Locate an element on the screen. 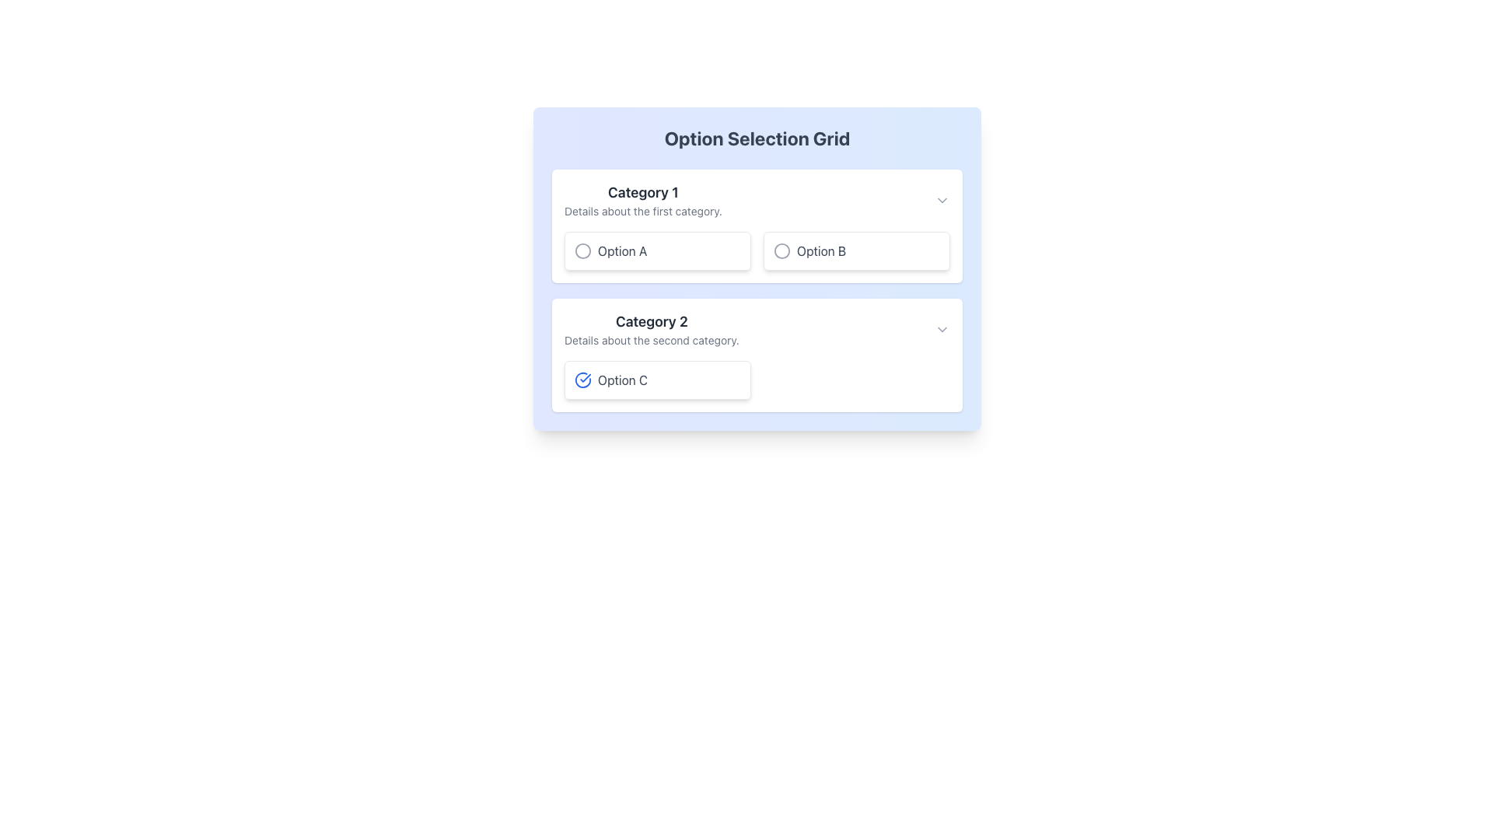  the text label that serves as the title for the 'Category 1' section, which is positioned at the top-left corner of this section is located at coordinates (643, 191).